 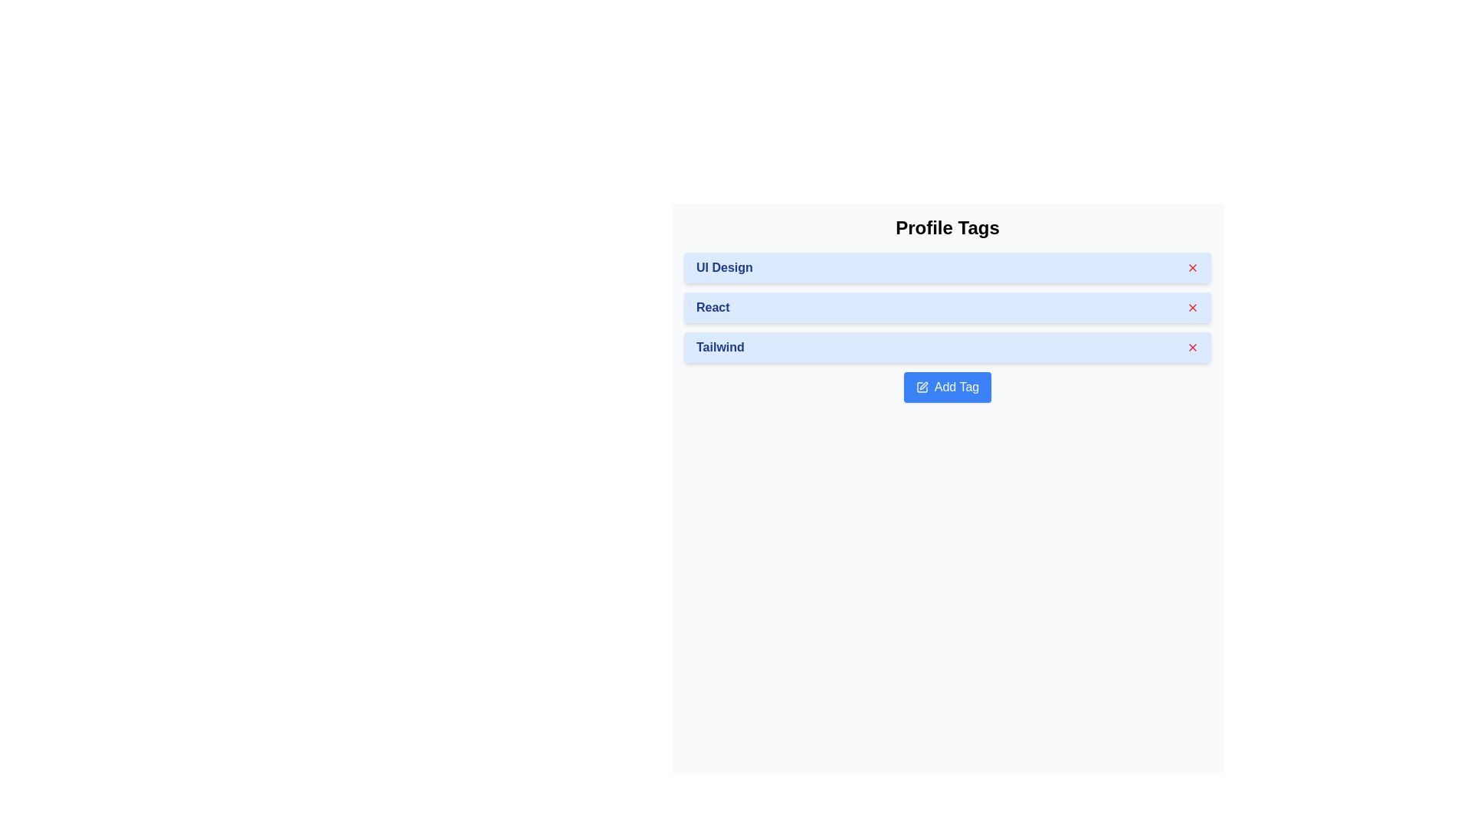 I want to click on the 'UI Design' text label located at the left part of the tag box under 'Profile Tags', so click(x=723, y=267).